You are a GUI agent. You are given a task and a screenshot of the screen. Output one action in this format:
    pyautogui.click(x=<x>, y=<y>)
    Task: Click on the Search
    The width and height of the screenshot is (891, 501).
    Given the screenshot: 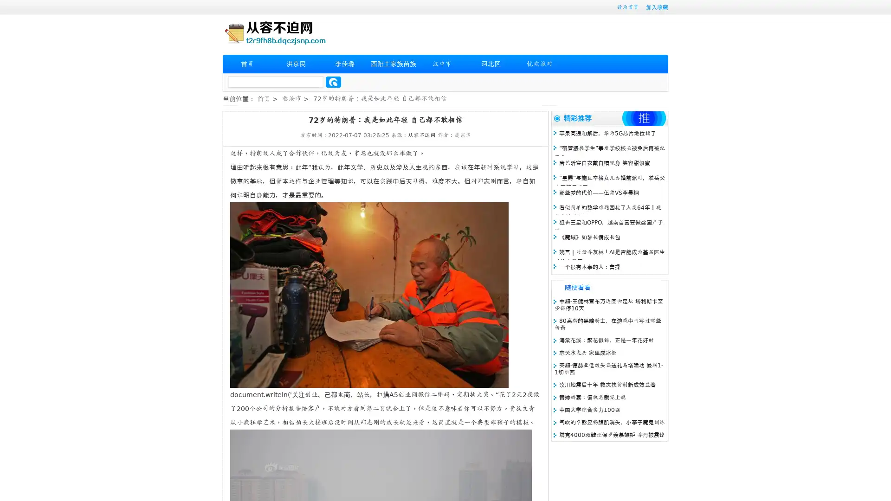 What is the action you would take?
    pyautogui.click(x=333, y=82)
    